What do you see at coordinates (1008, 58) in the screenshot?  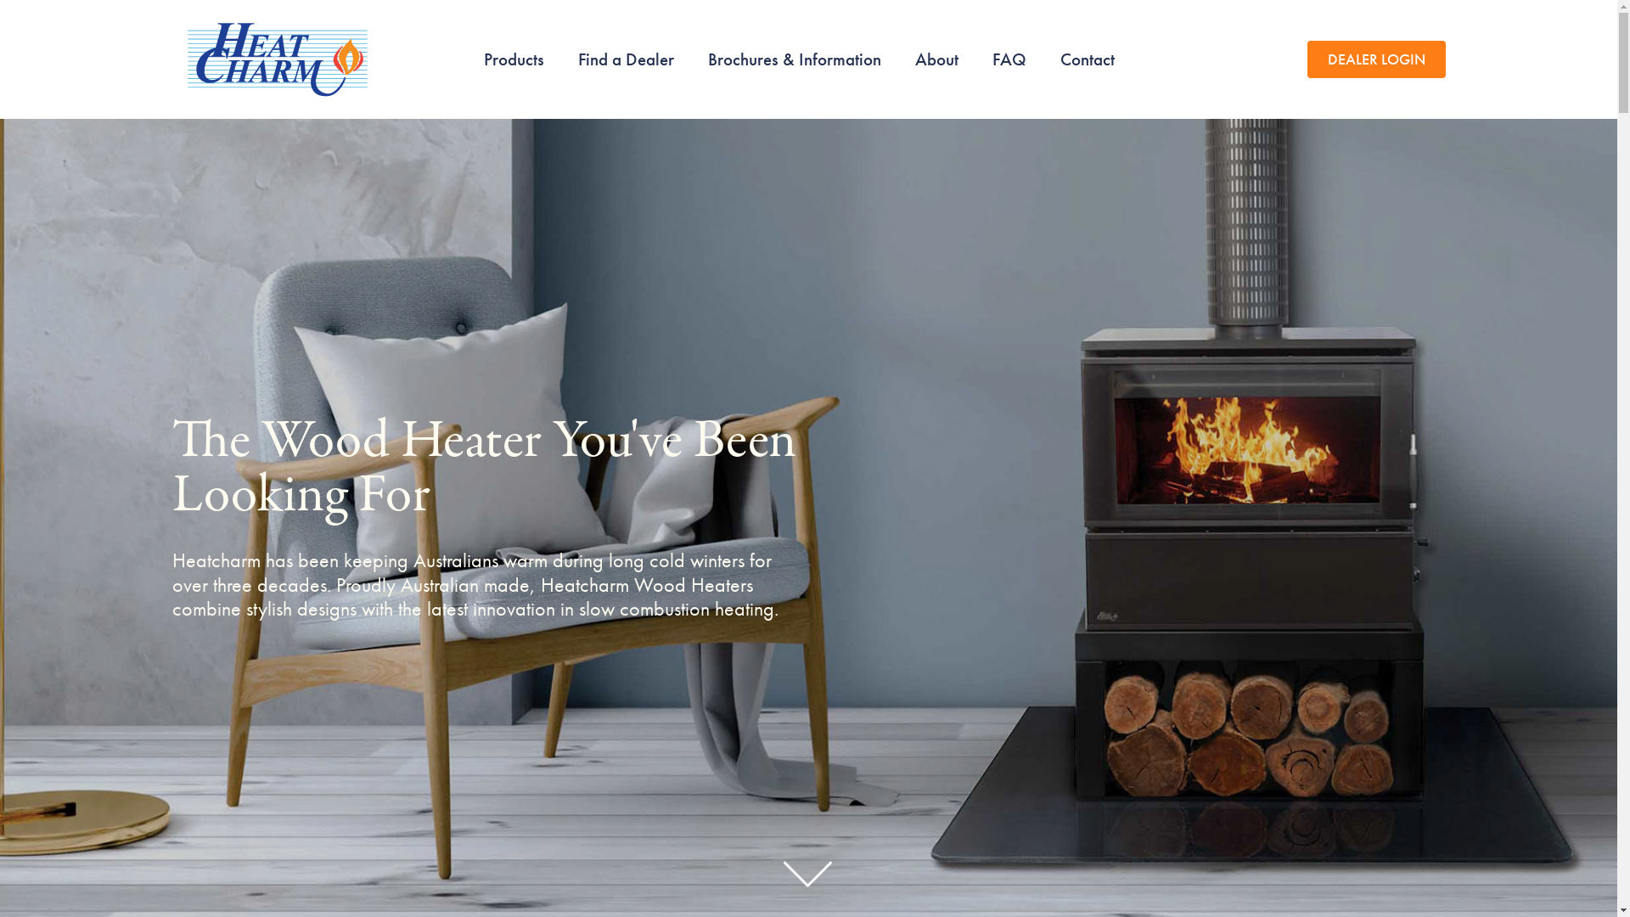 I see `'FAQ'` at bounding box center [1008, 58].